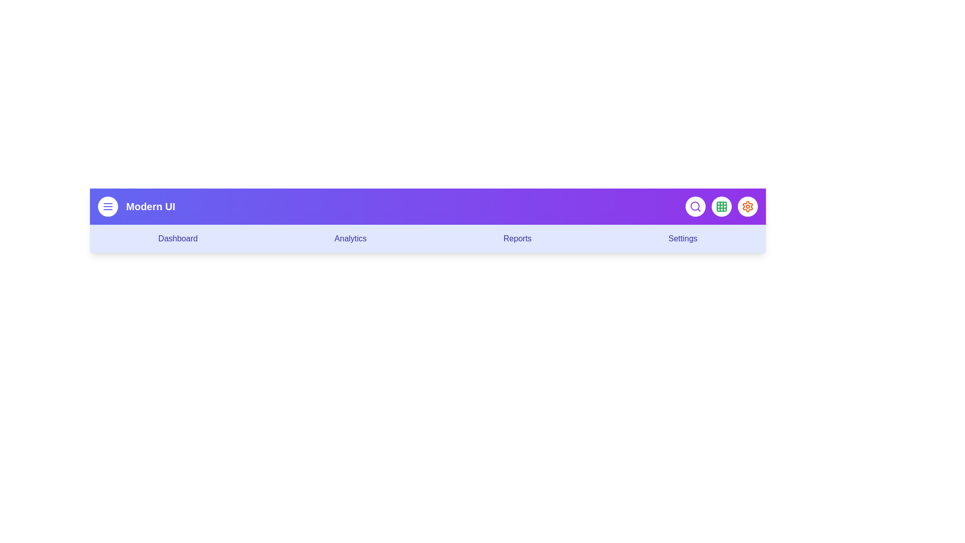 Image resolution: width=965 pixels, height=543 pixels. What do you see at coordinates (721, 206) in the screenshot?
I see `the grid button to access grid-related features` at bounding box center [721, 206].